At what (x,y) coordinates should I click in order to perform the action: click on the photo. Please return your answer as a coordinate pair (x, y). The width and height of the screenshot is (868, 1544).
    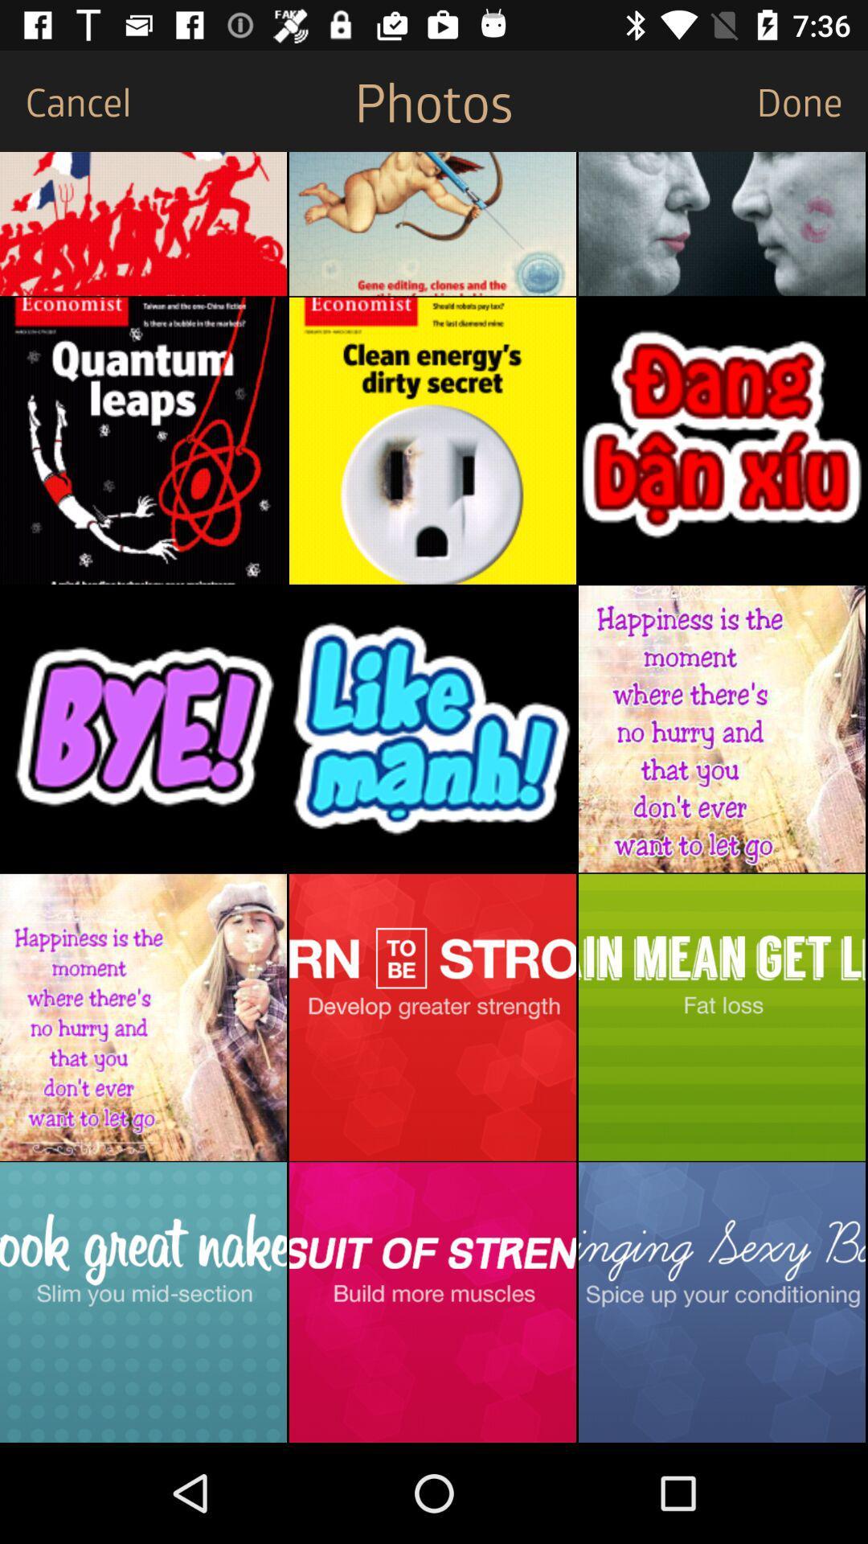
    Looking at the image, I should click on (432, 1016).